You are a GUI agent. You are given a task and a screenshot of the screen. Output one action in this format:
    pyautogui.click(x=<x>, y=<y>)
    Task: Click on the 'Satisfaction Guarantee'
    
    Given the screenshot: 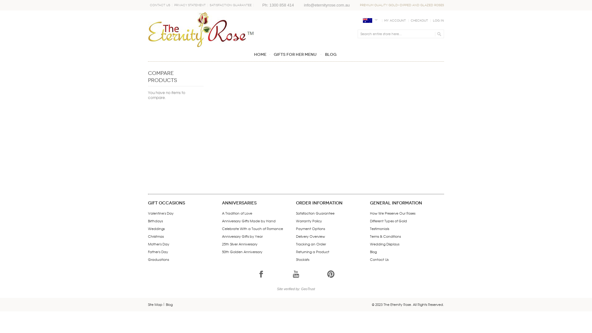 What is the action you would take?
    pyautogui.click(x=296, y=213)
    